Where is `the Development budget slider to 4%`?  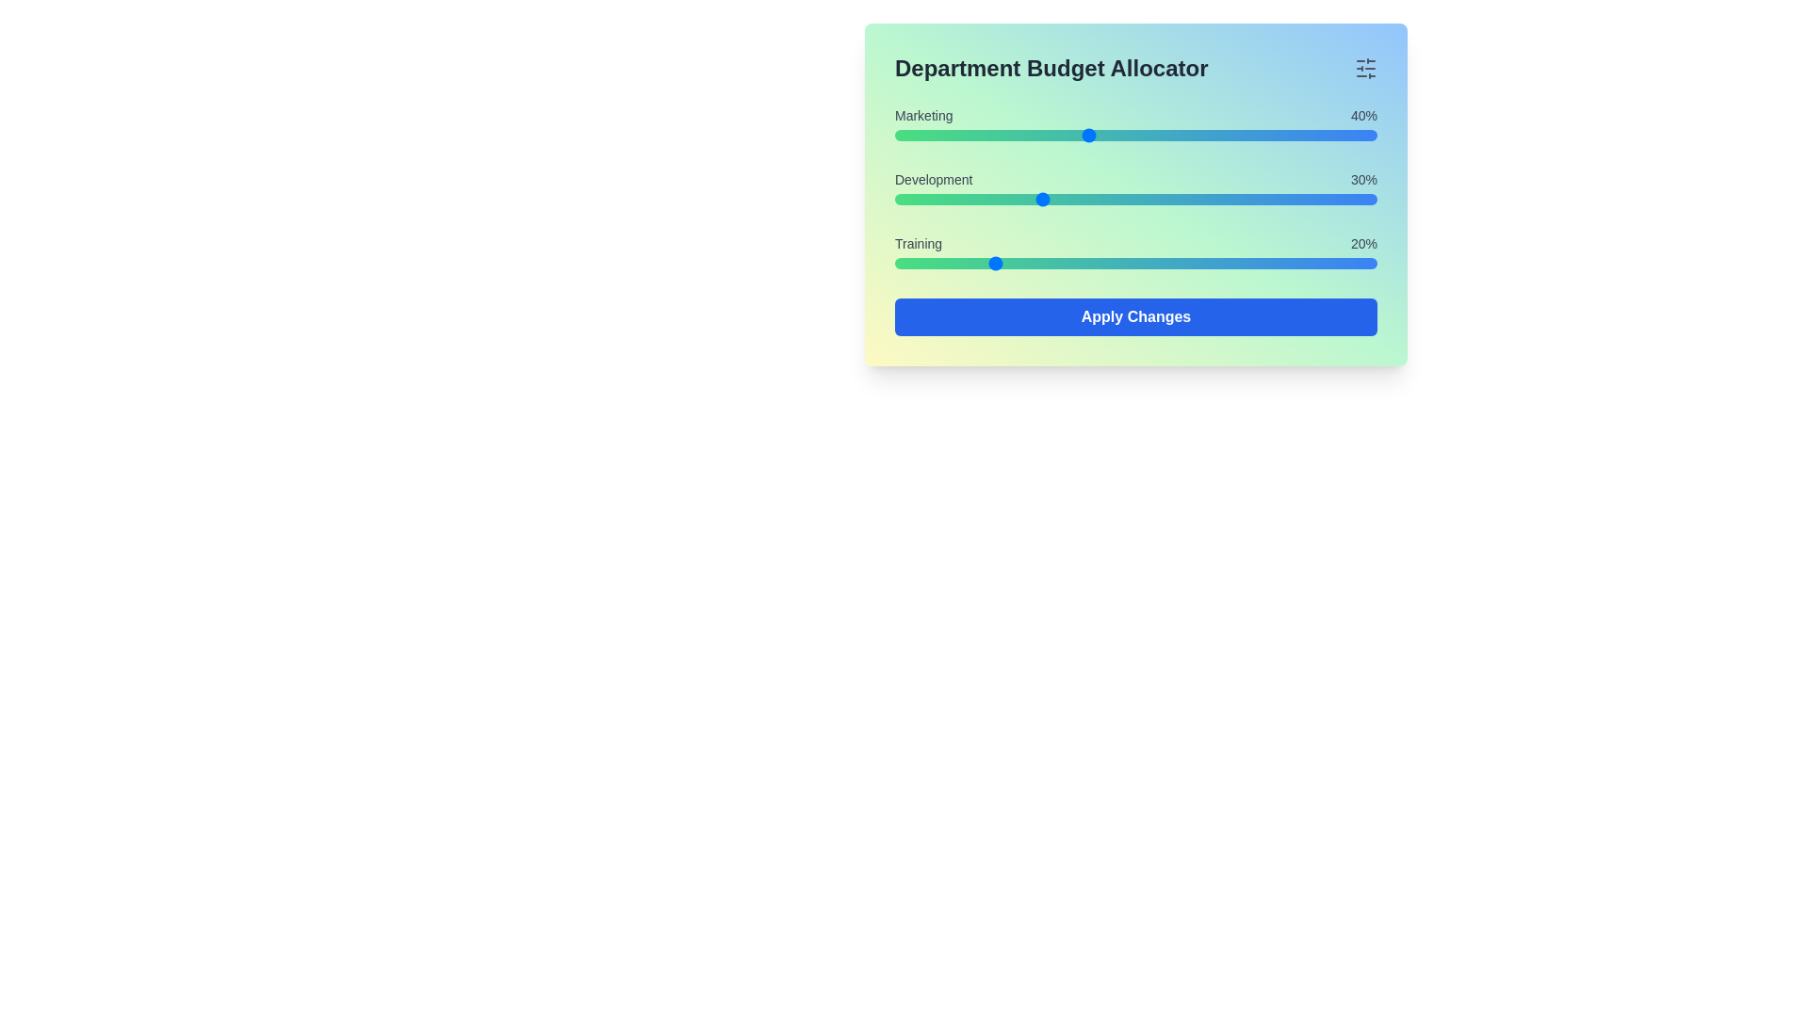 the Development budget slider to 4% is located at coordinates (914, 200).